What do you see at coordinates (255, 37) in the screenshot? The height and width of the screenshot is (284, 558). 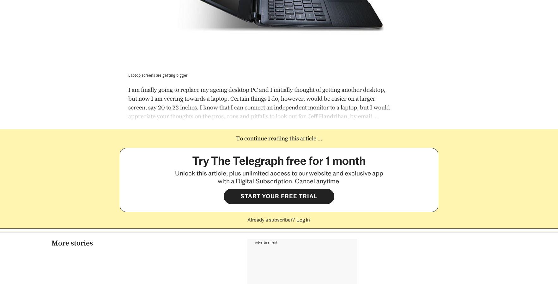 I see `'Advertisement'` at bounding box center [255, 37].